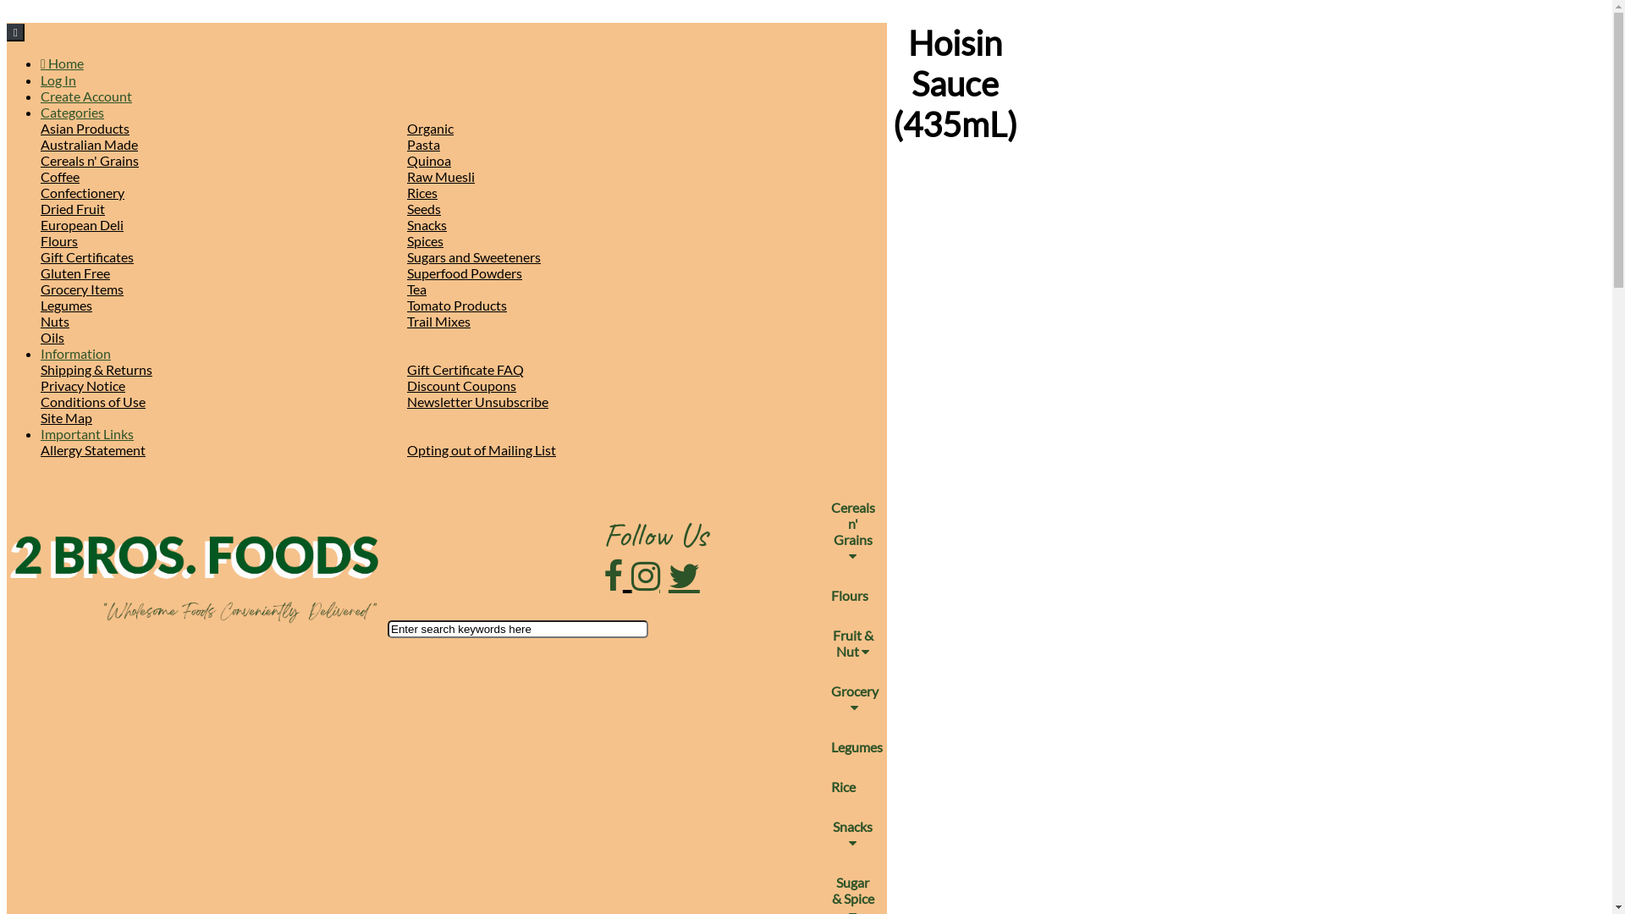  What do you see at coordinates (66, 417) in the screenshot?
I see `'Site Map'` at bounding box center [66, 417].